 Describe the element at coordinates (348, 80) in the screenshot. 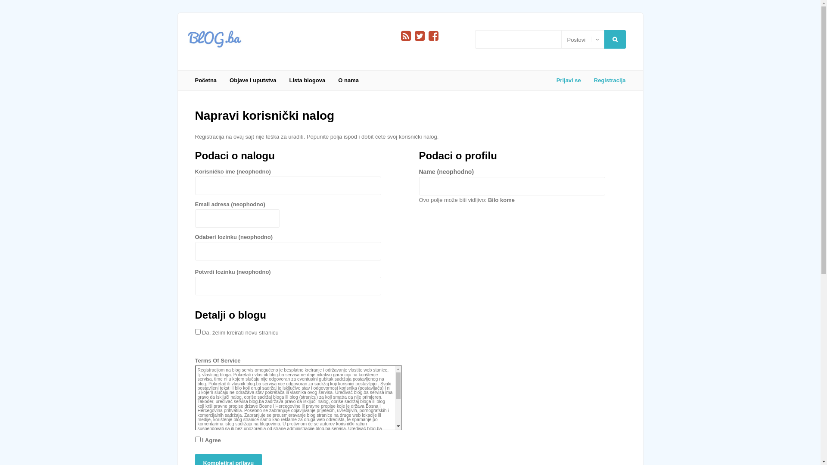

I see `'O nama'` at that location.